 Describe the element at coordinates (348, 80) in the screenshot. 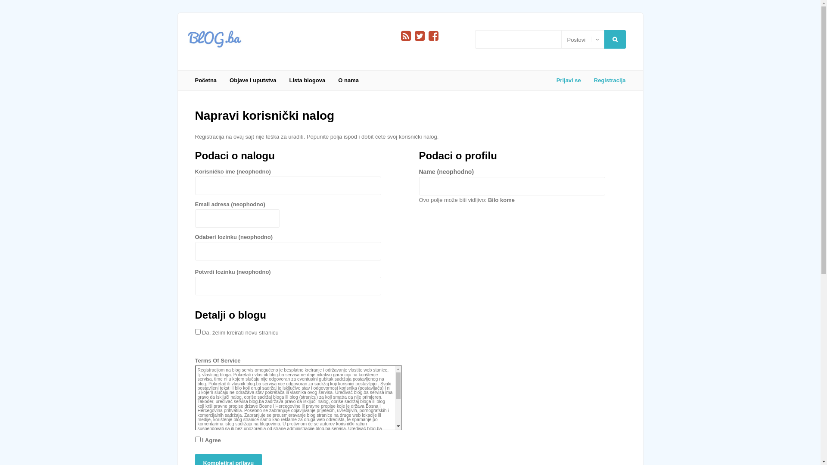

I see `'O nama'` at that location.